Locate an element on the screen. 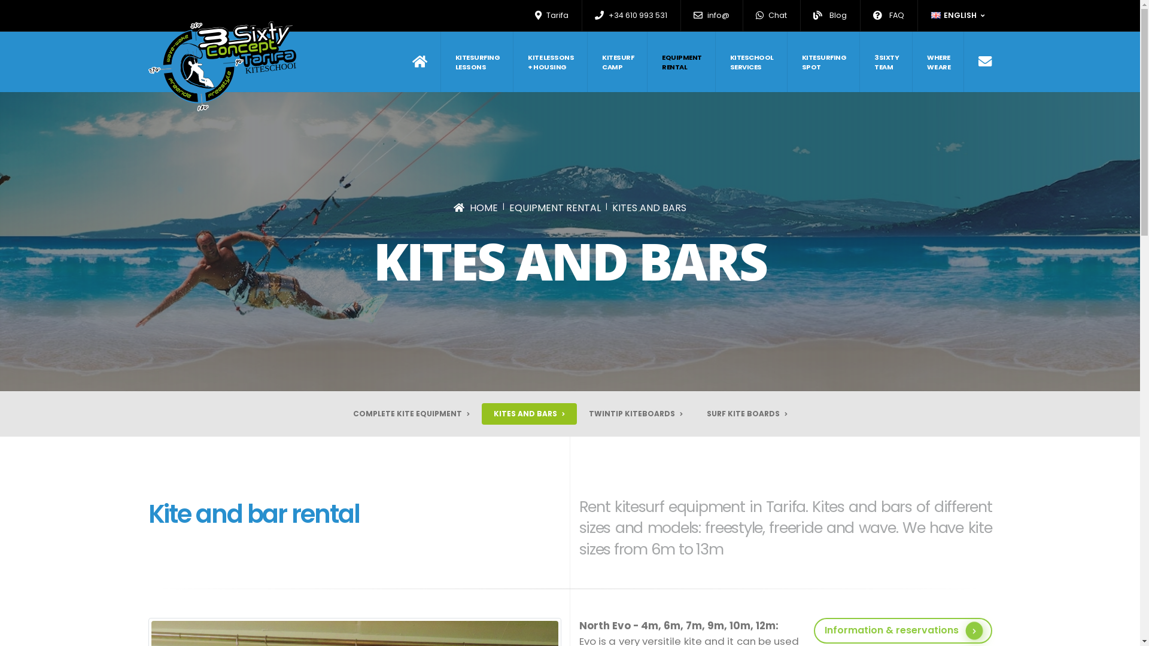 The image size is (1149, 646). 'info@' is located at coordinates (712, 16).